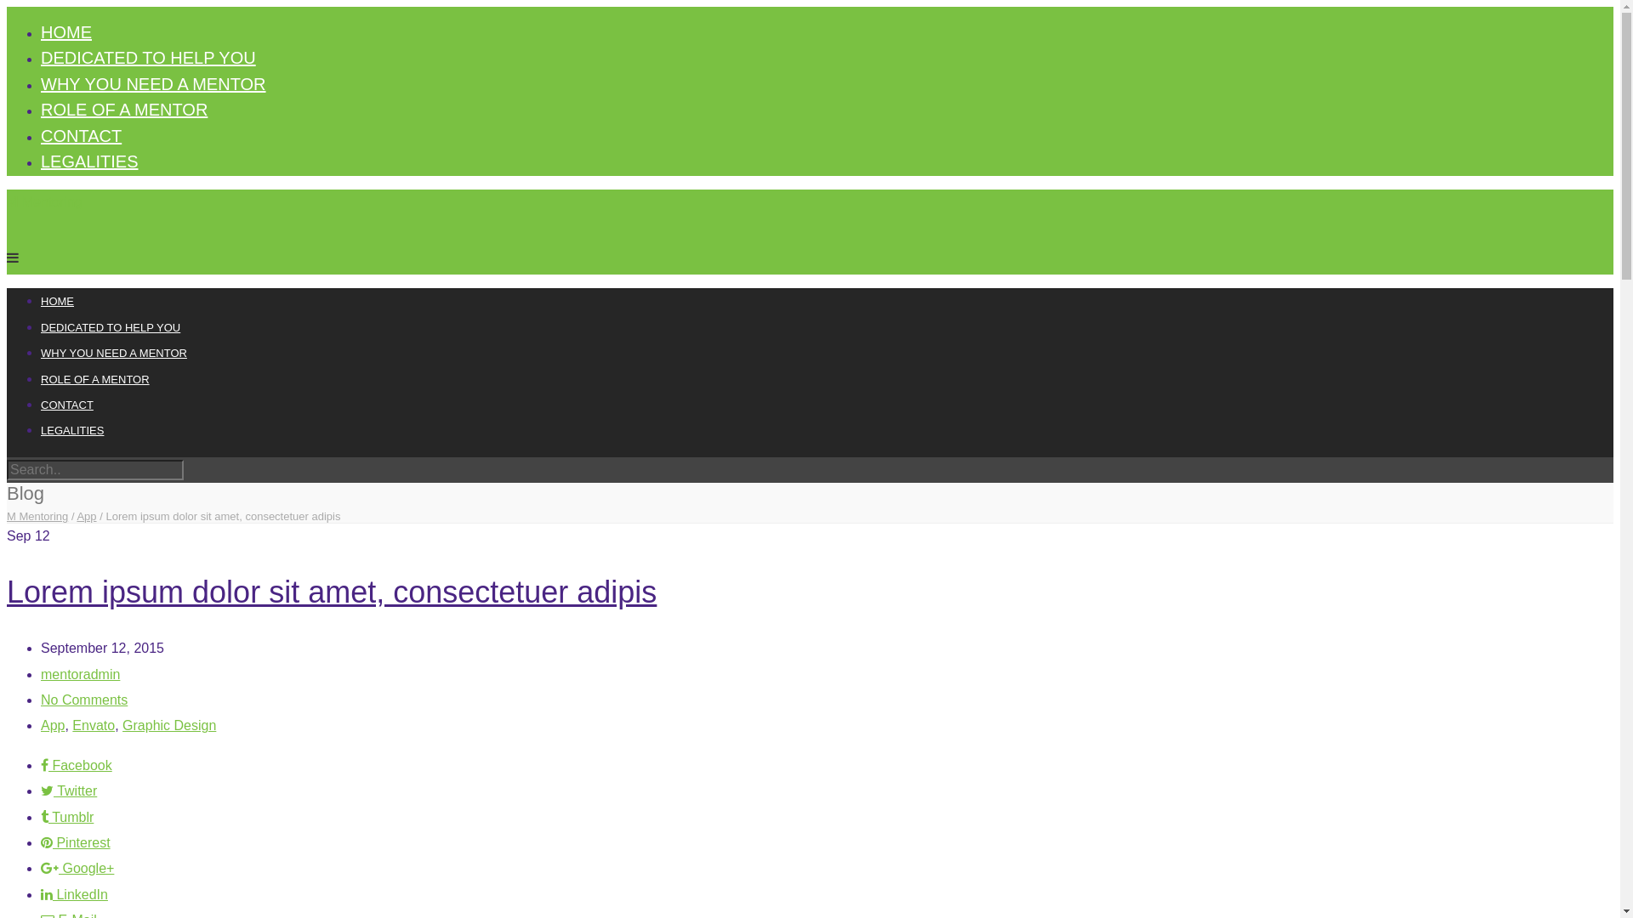 The width and height of the screenshot is (1633, 918). What do you see at coordinates (83, 700) in the screenshot?
I see `'No Comments'` at bounding box center [83, 700].